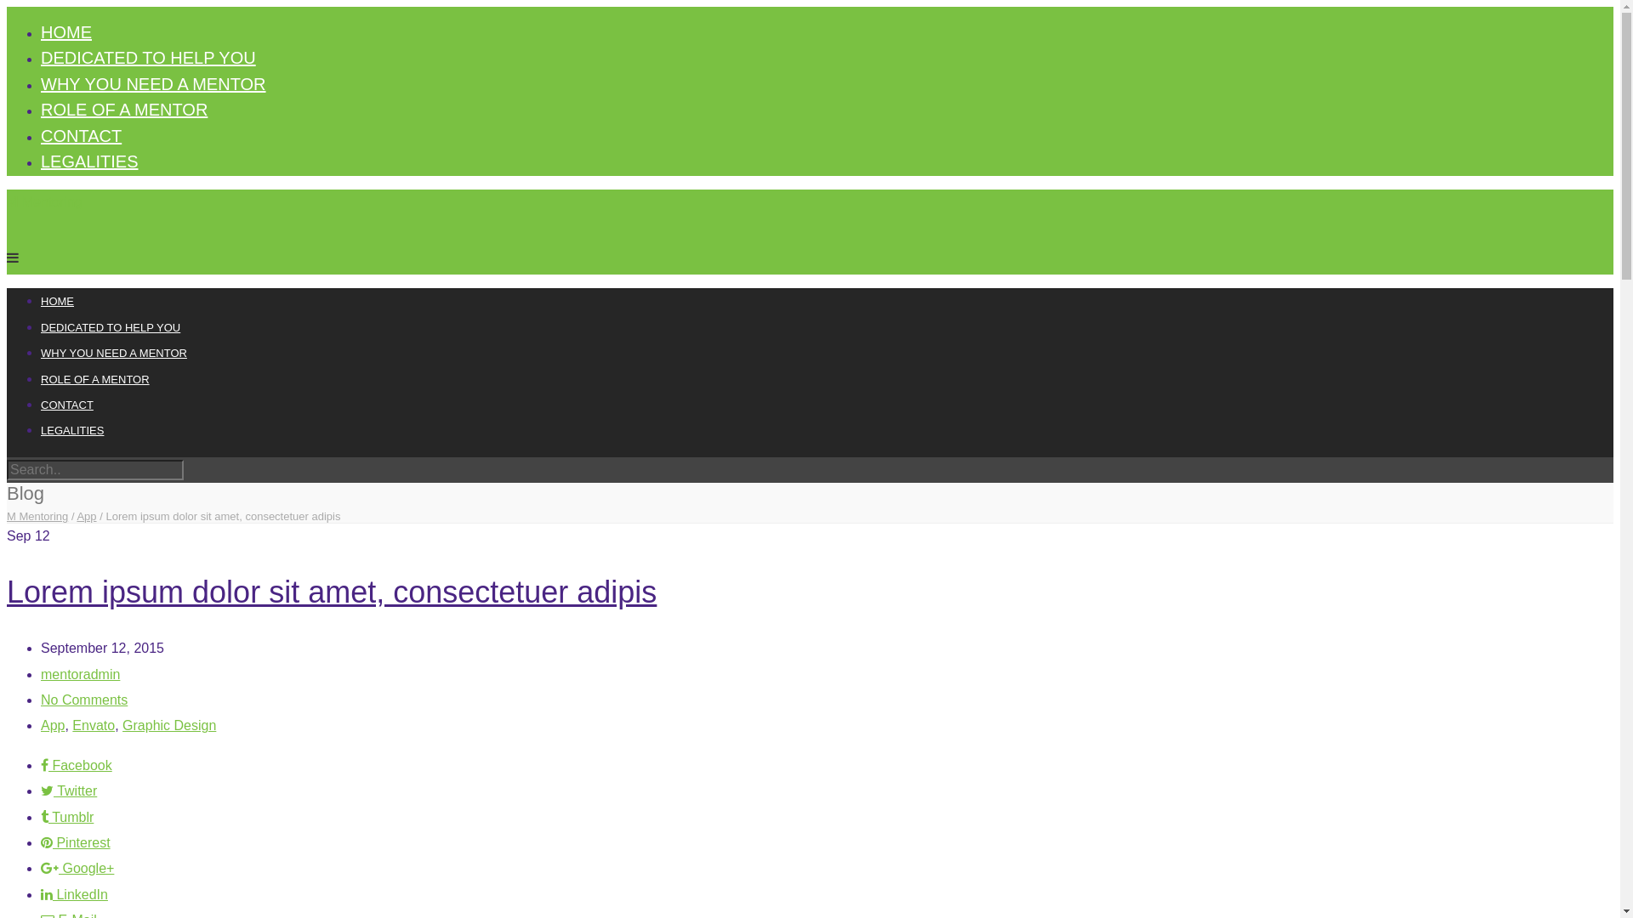 The width and height of the screenshot is (1633, 918). What do you see at coordinates (83, 700) in the screenshot?
I see `'No Comments'` at bounding box center [83, 700].